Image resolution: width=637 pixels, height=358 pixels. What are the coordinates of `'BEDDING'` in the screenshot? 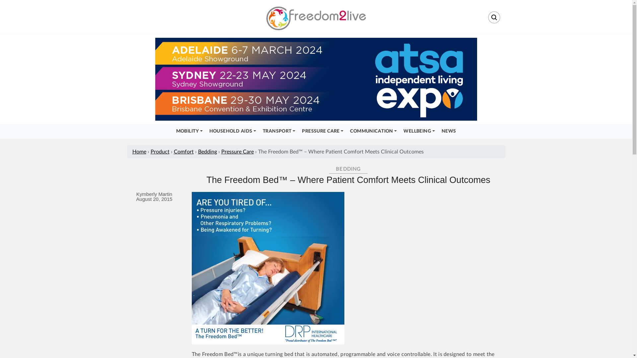 It's located at (329, 169).